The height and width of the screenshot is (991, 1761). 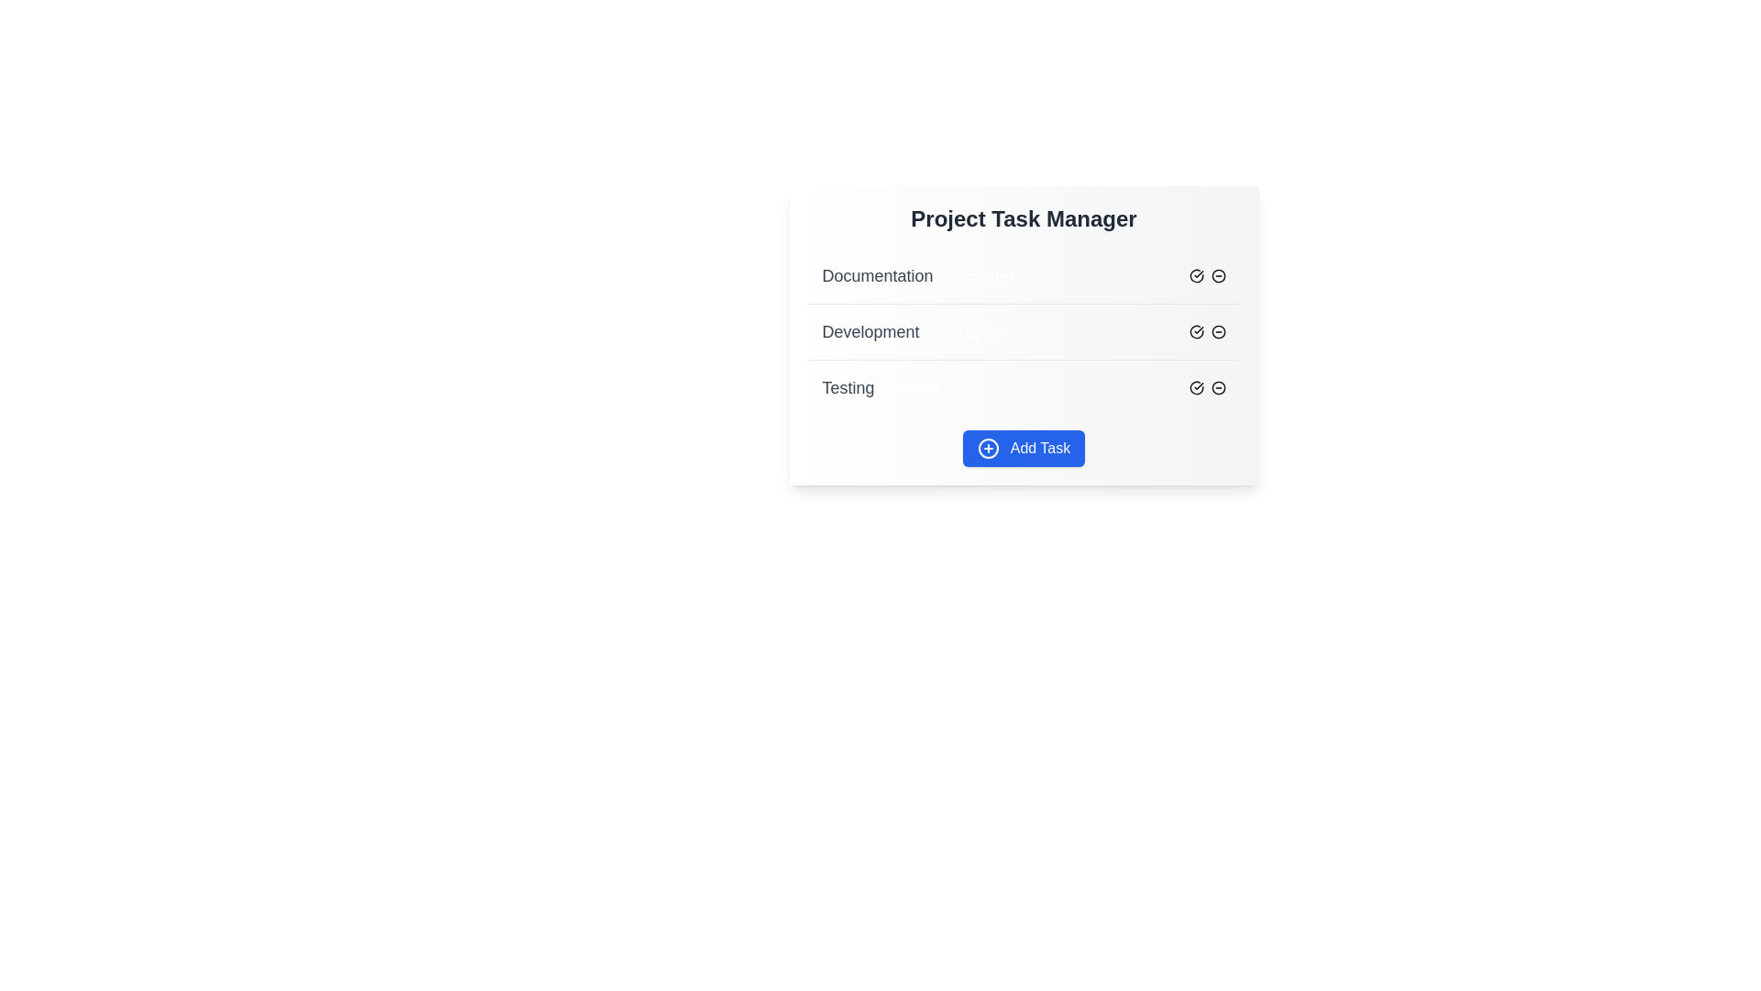 I want to click on the interactive area of the circular border of the 'Add Task' button, so click(x=987, y=449).